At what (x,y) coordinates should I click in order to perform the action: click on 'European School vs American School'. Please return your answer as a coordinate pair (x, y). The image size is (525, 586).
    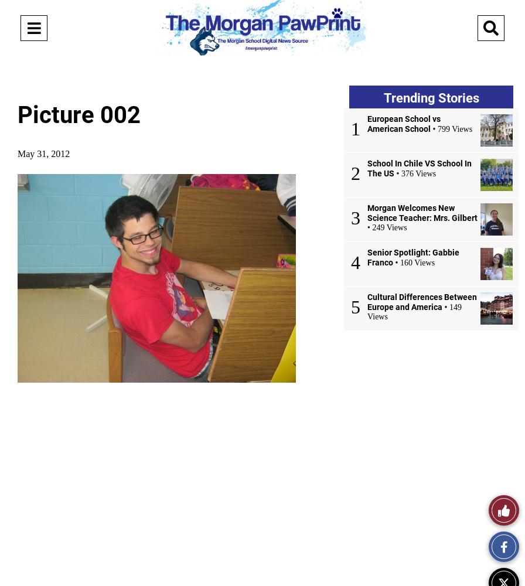
    Looking at the image, I should click on (367, 123).